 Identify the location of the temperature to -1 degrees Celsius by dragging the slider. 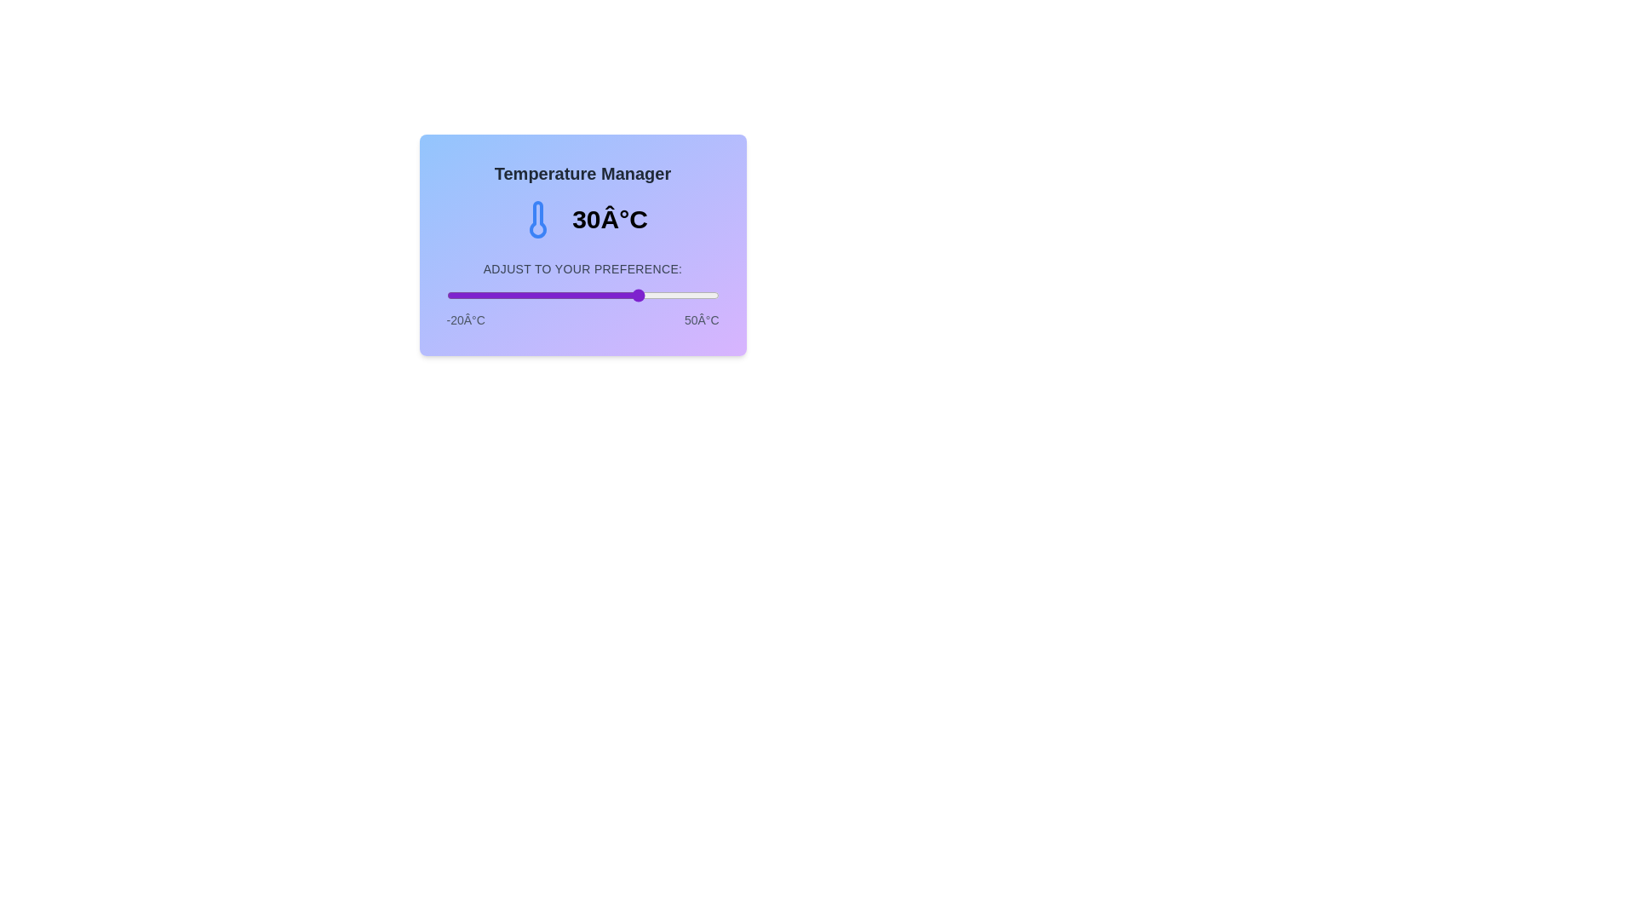
(519, 295).